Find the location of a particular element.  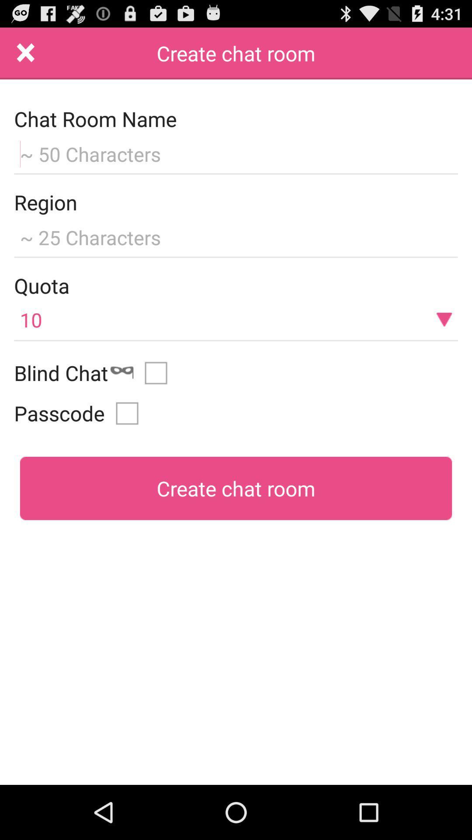

icon to the left of create chat room icon is located at coordinates (25, 53).